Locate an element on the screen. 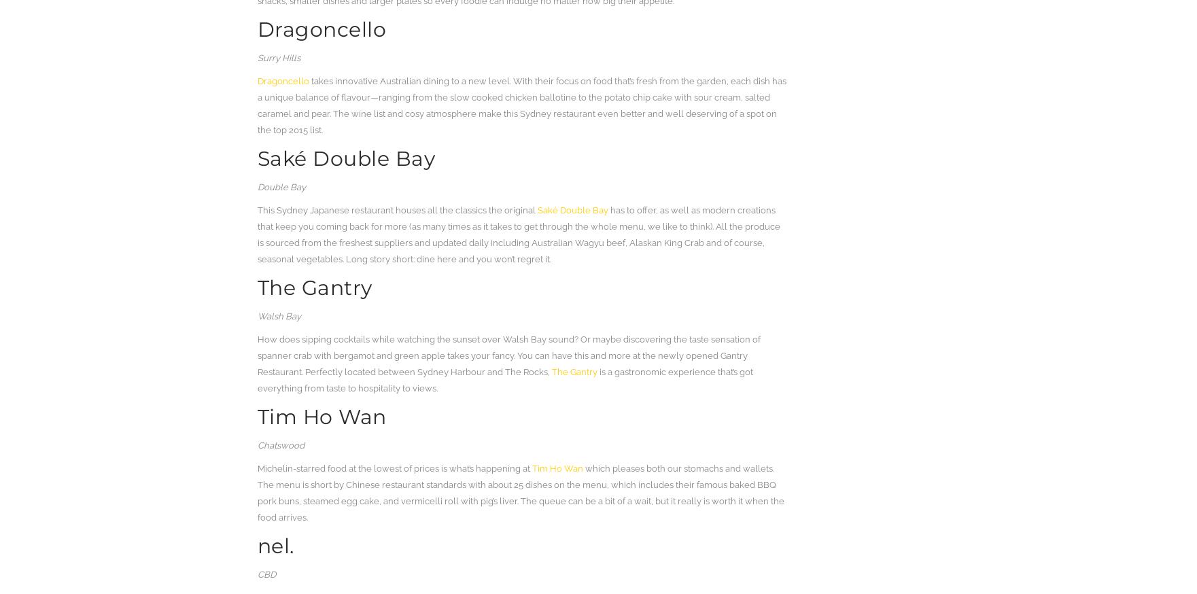 This screenshot has width=1197, height=594. 'Chatswood' is located at coordinates (279, 444).